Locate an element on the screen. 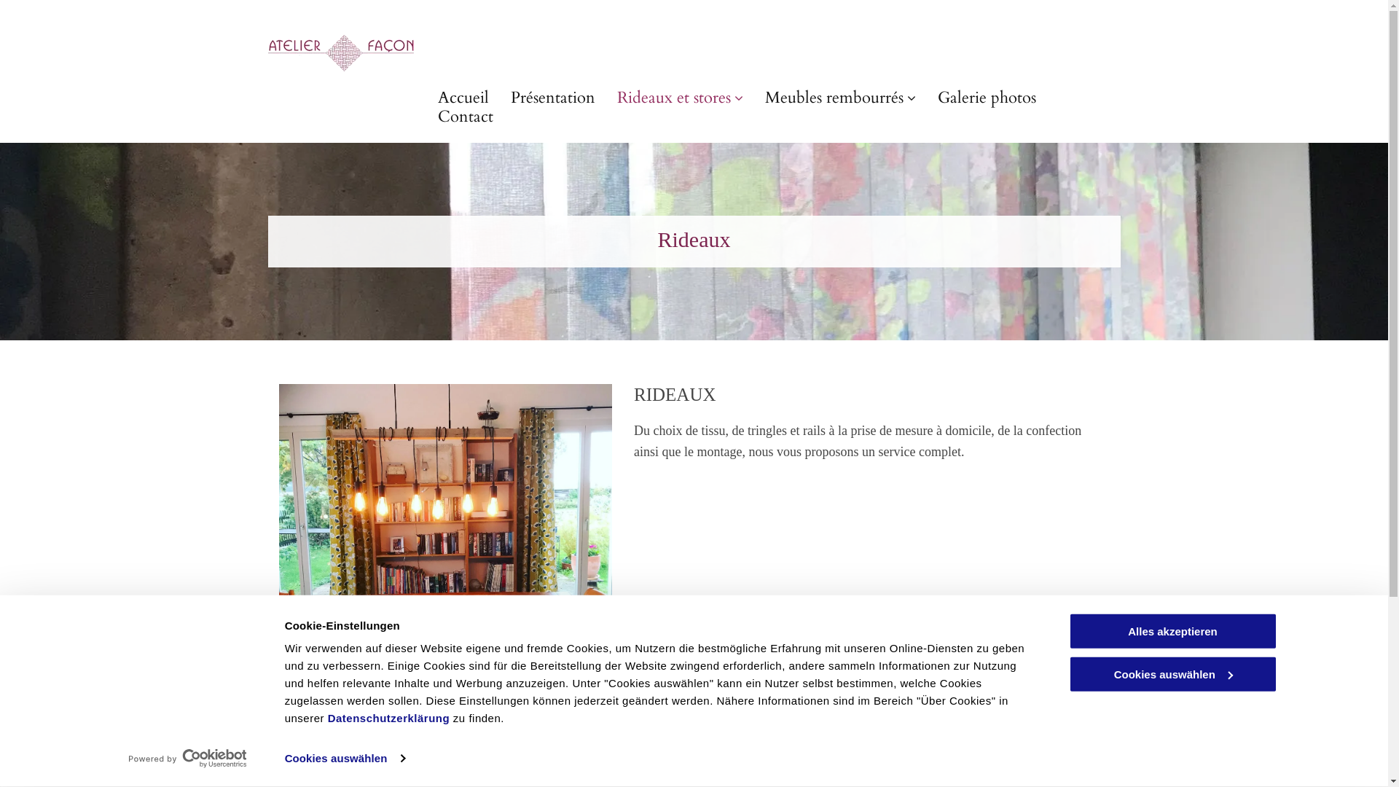 The image size is (1399, 787). 'Galerie photos' is located at coordinates (987, 98).